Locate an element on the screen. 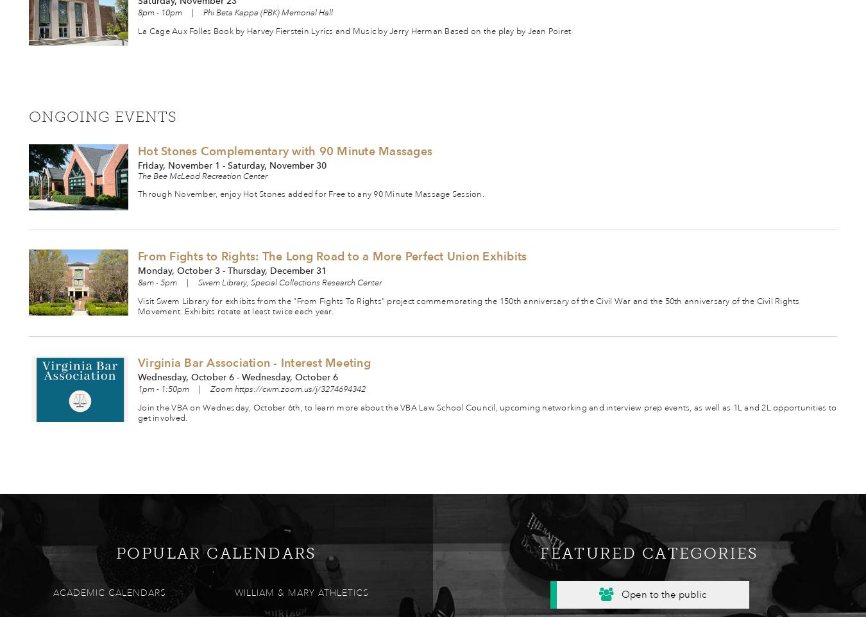 This screenshot has width=866, height=617. '8pm - 10pm' is located at coordinates (159, 12).